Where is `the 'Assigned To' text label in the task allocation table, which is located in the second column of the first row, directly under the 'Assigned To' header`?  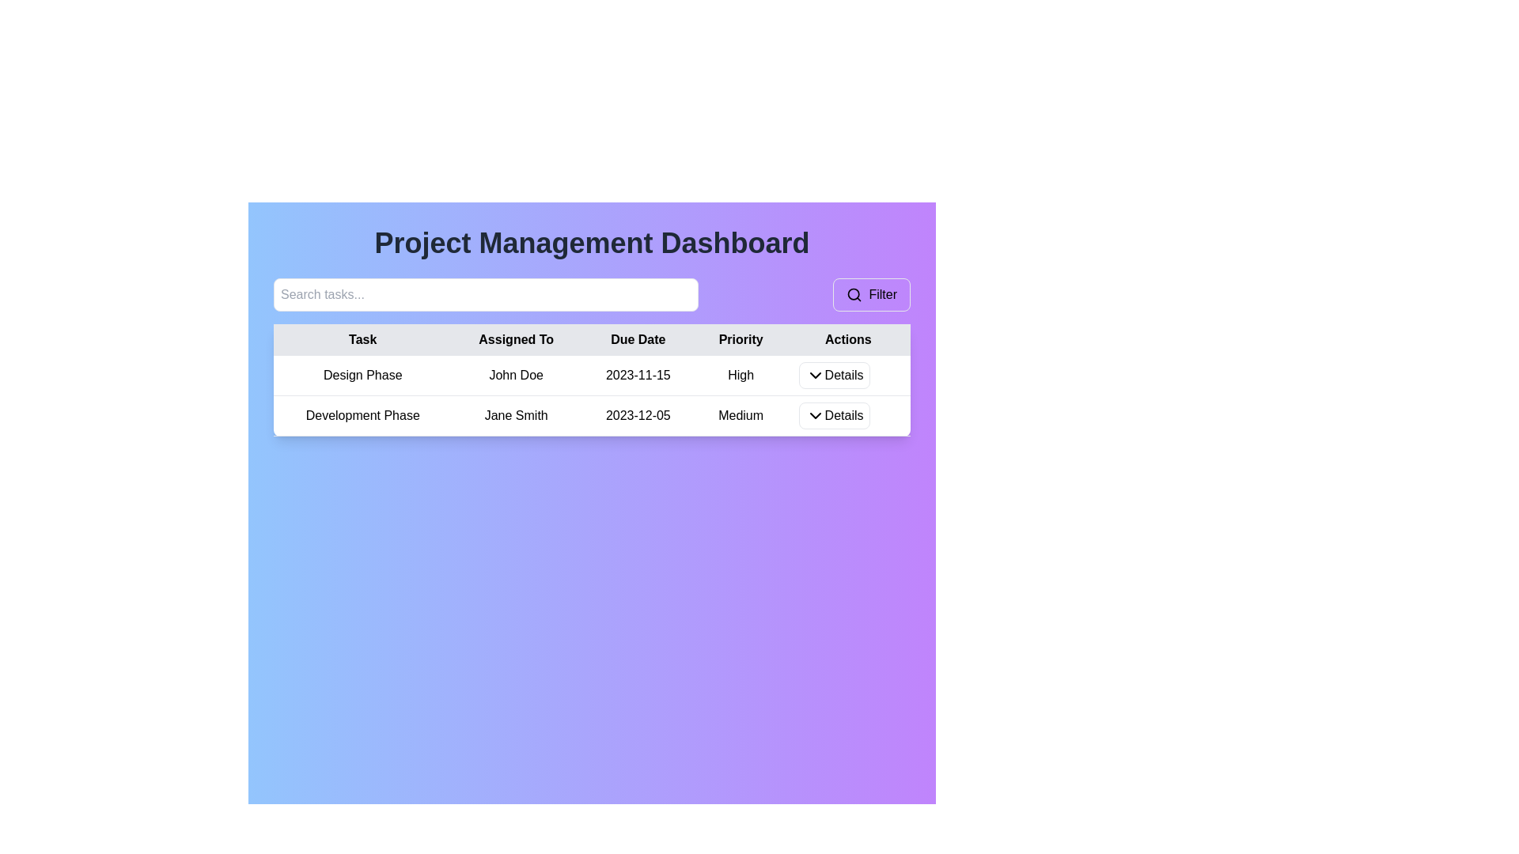
the 'Assigned To' text label in the task allocation table, which is located in the second column of the first row, directly under the 'Assigned To' header is located at coordinates (516, 376).